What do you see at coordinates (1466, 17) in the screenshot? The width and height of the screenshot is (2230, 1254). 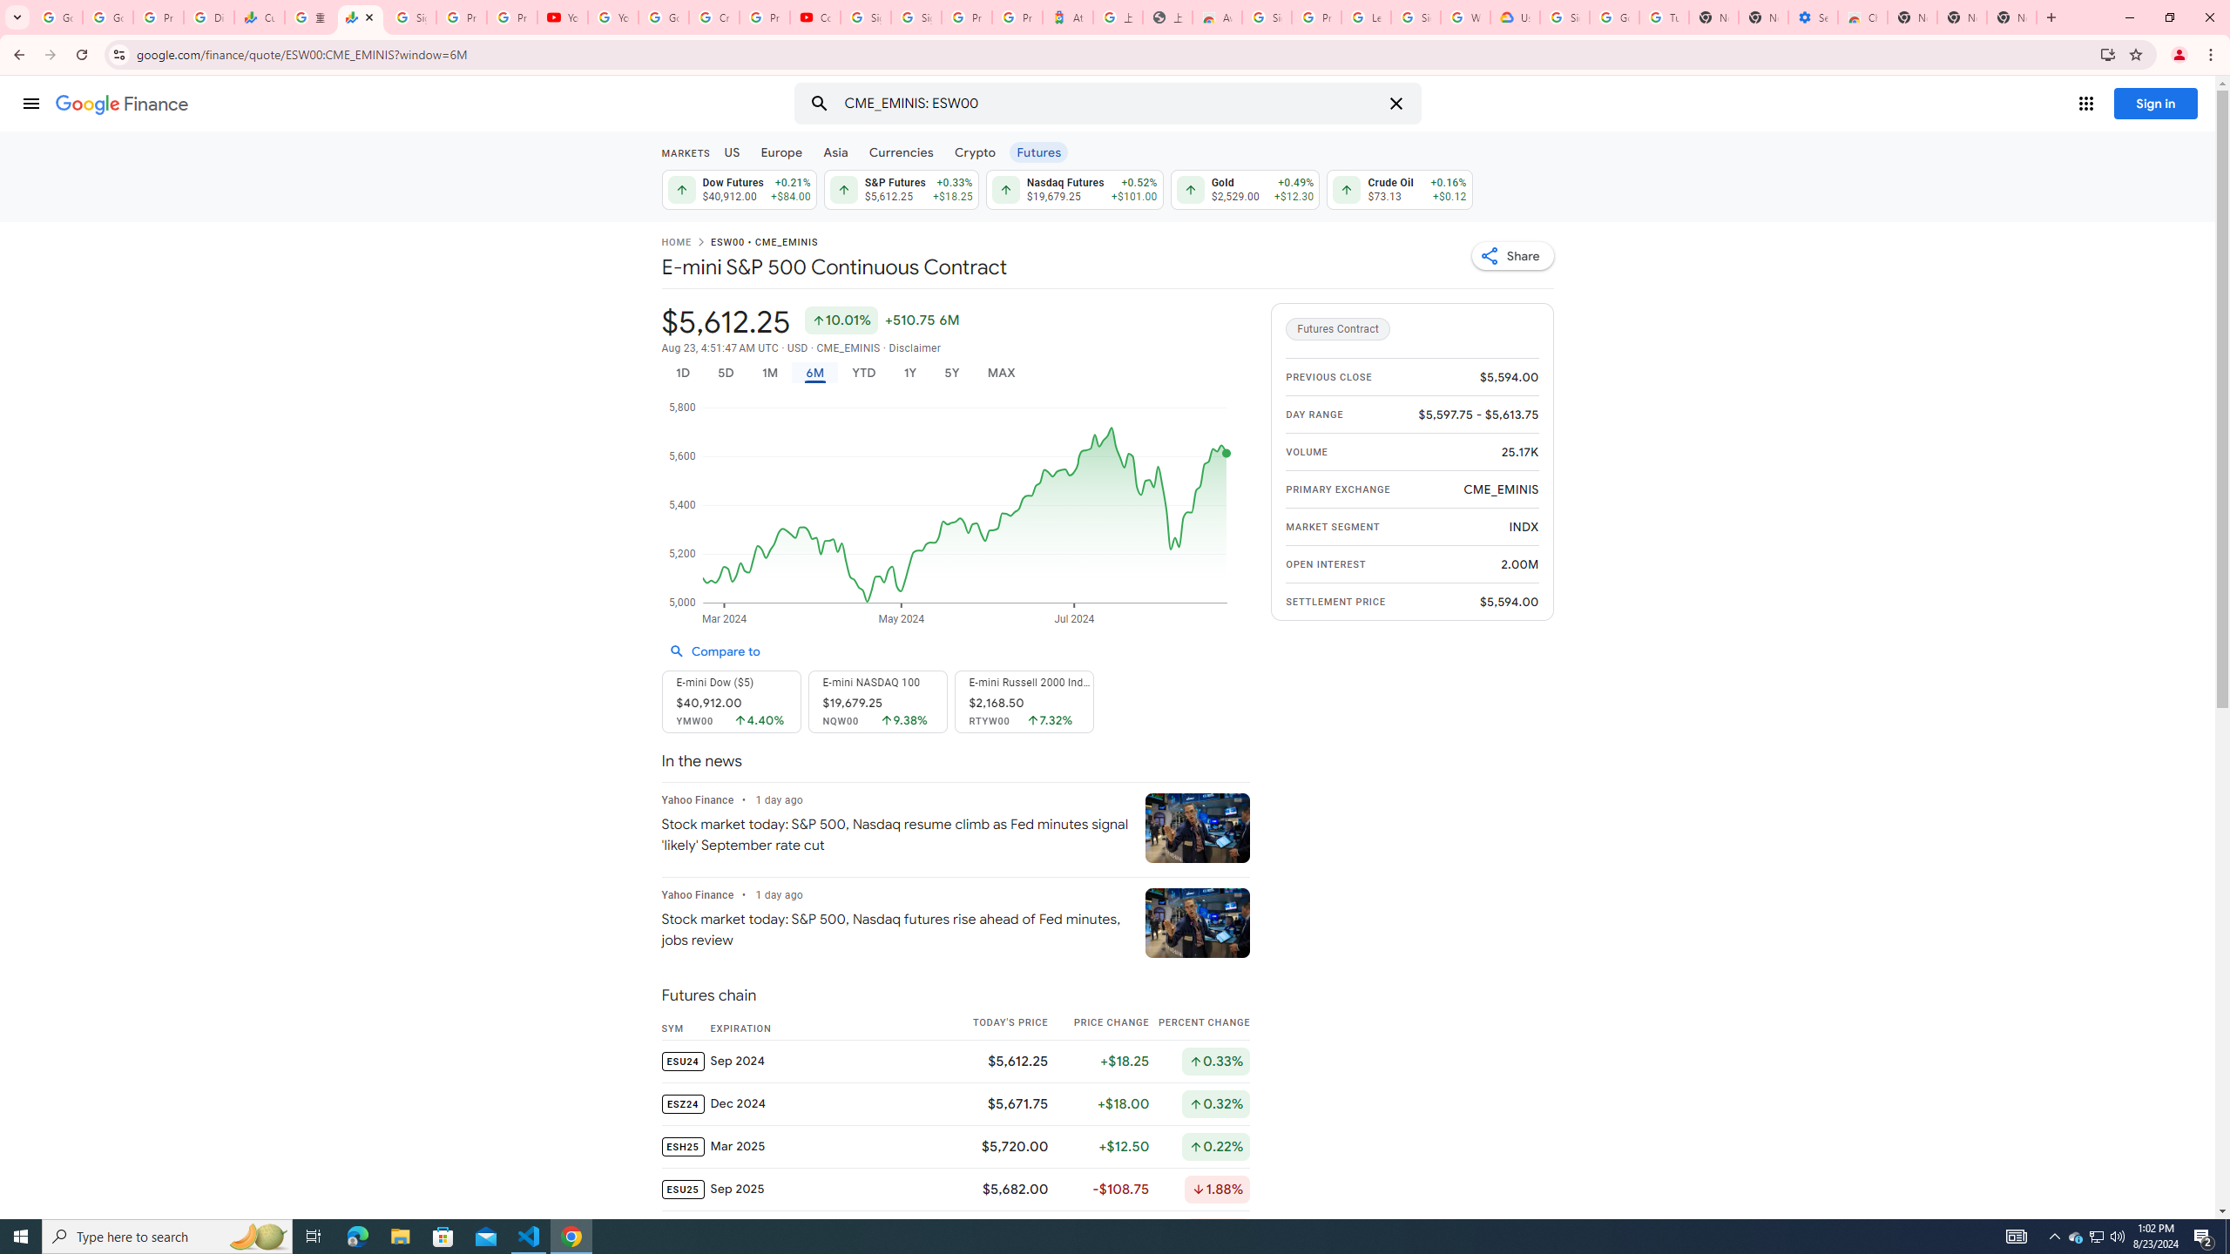 I see `'Who are Google'` at bounding box center [1466, 17].